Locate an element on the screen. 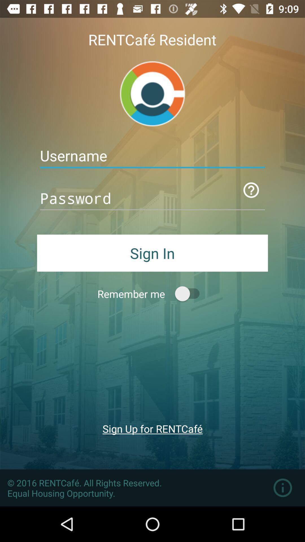 The height and width of the screenshot is (542, 305). remember me selection is located at coordinates (190, 294).